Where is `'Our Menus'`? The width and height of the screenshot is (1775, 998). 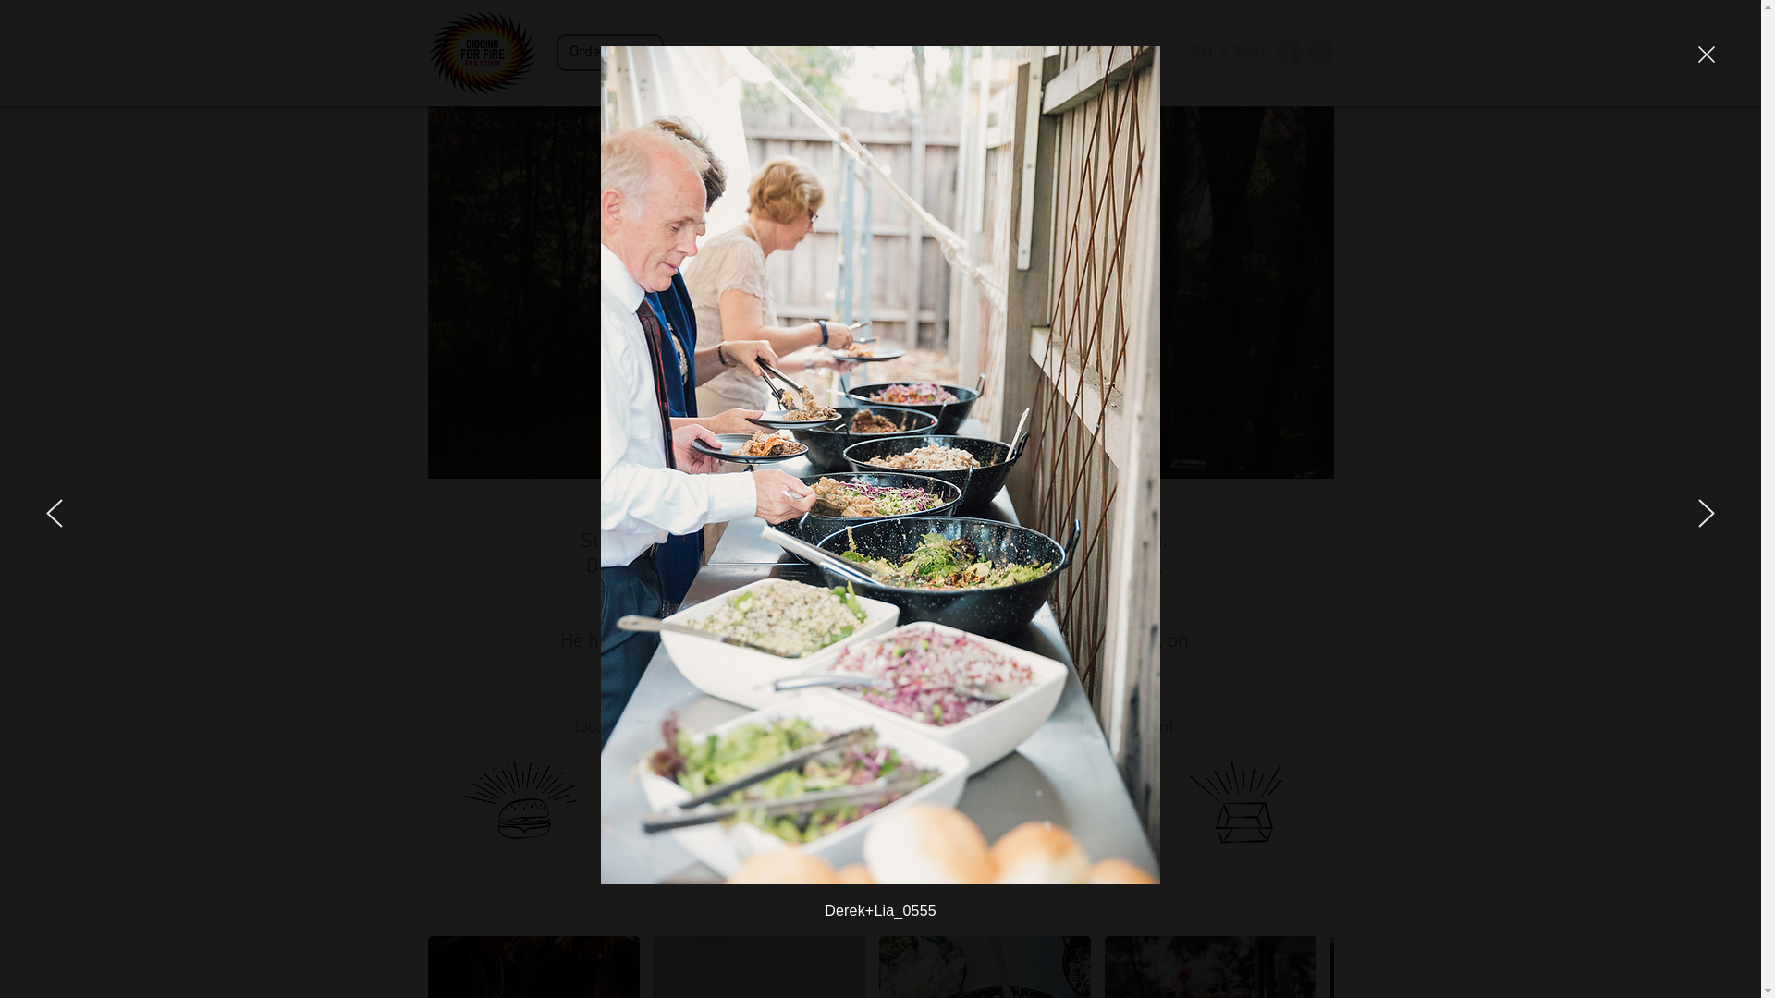
'Our Menus' is located at coordinates (851, 52).